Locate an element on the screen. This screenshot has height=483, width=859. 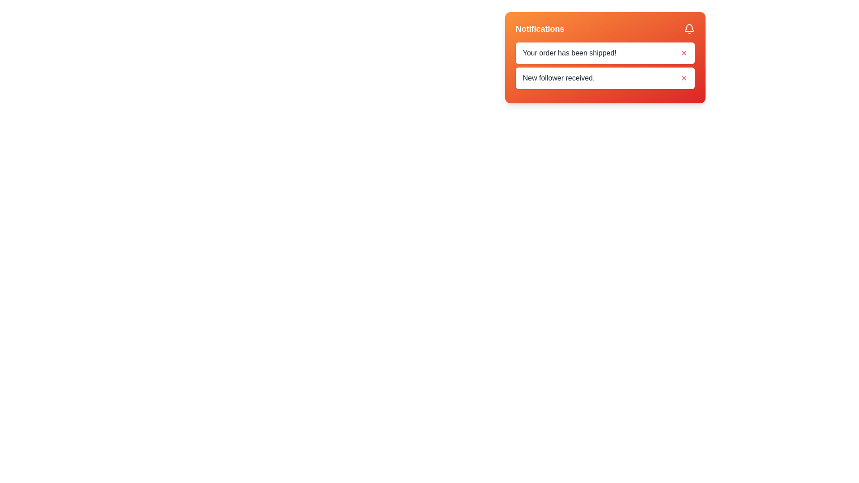
the notification bell icon located in the top-right corner of the notifications panel, which signifies alerts and importance is located at coordinates (689, 27).